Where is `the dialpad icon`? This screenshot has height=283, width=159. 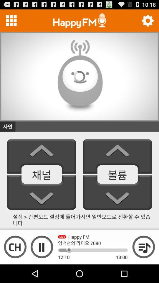 the dialpad icon is located at coordinates (11, 22).